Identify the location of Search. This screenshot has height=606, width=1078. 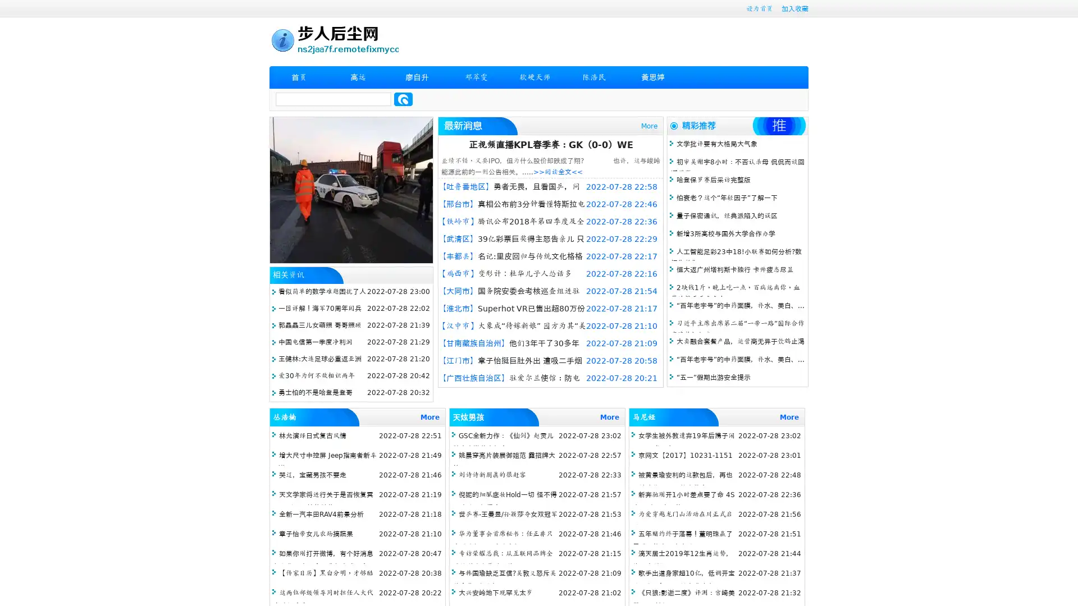
(403, 99).